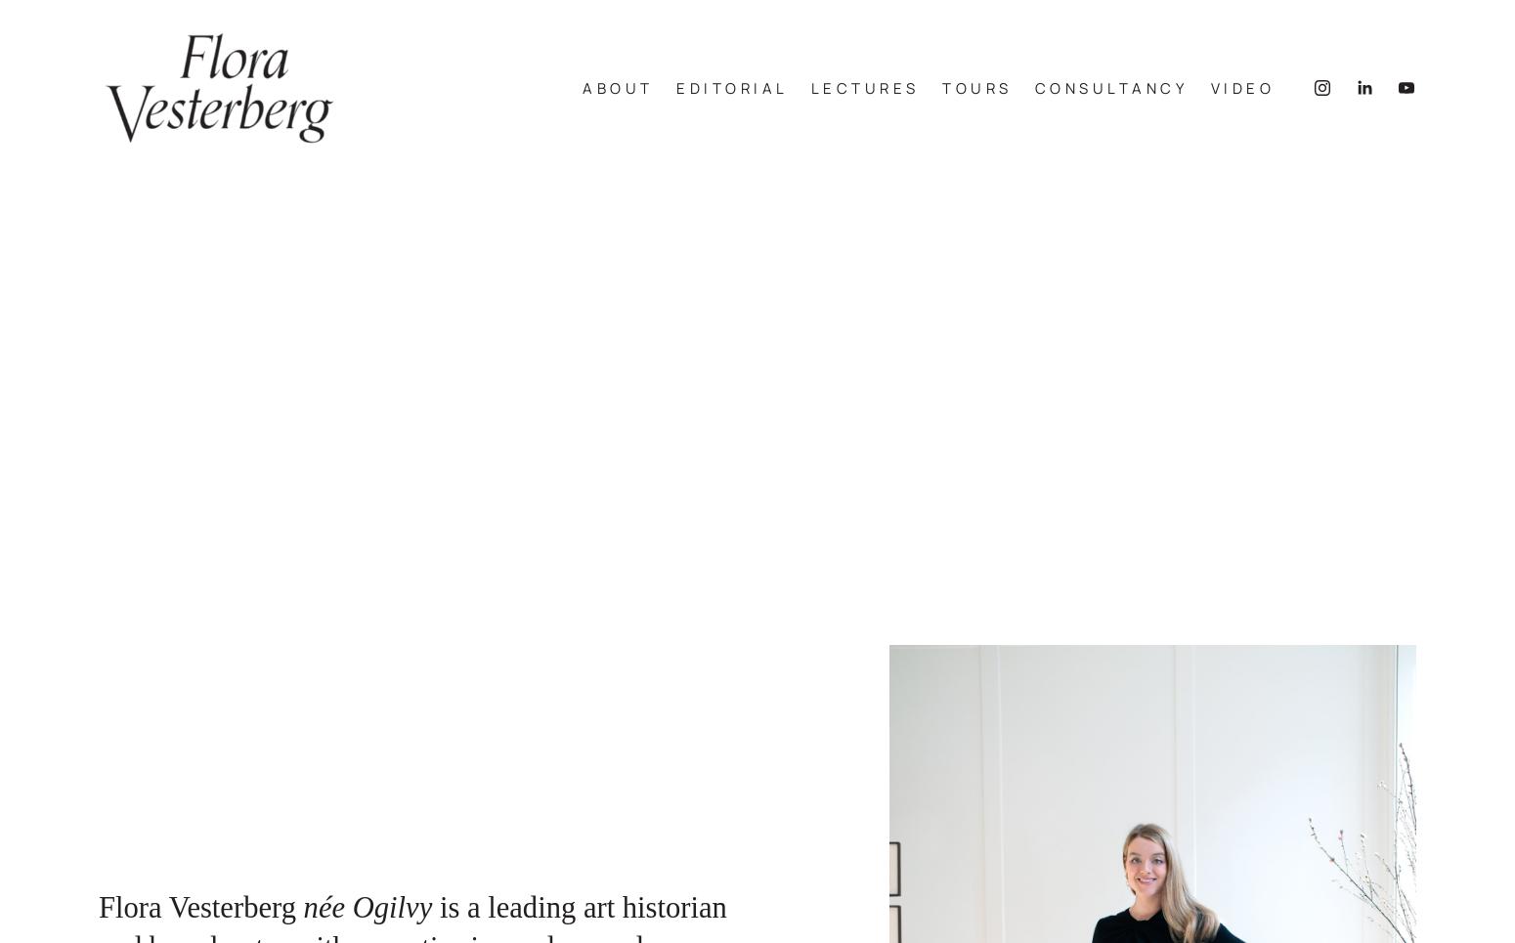 The width and height of the screenshot is (1515, 943). Describe the element at coordinates (975, 97) in the screenshot. I see `'Tours'` at that location.